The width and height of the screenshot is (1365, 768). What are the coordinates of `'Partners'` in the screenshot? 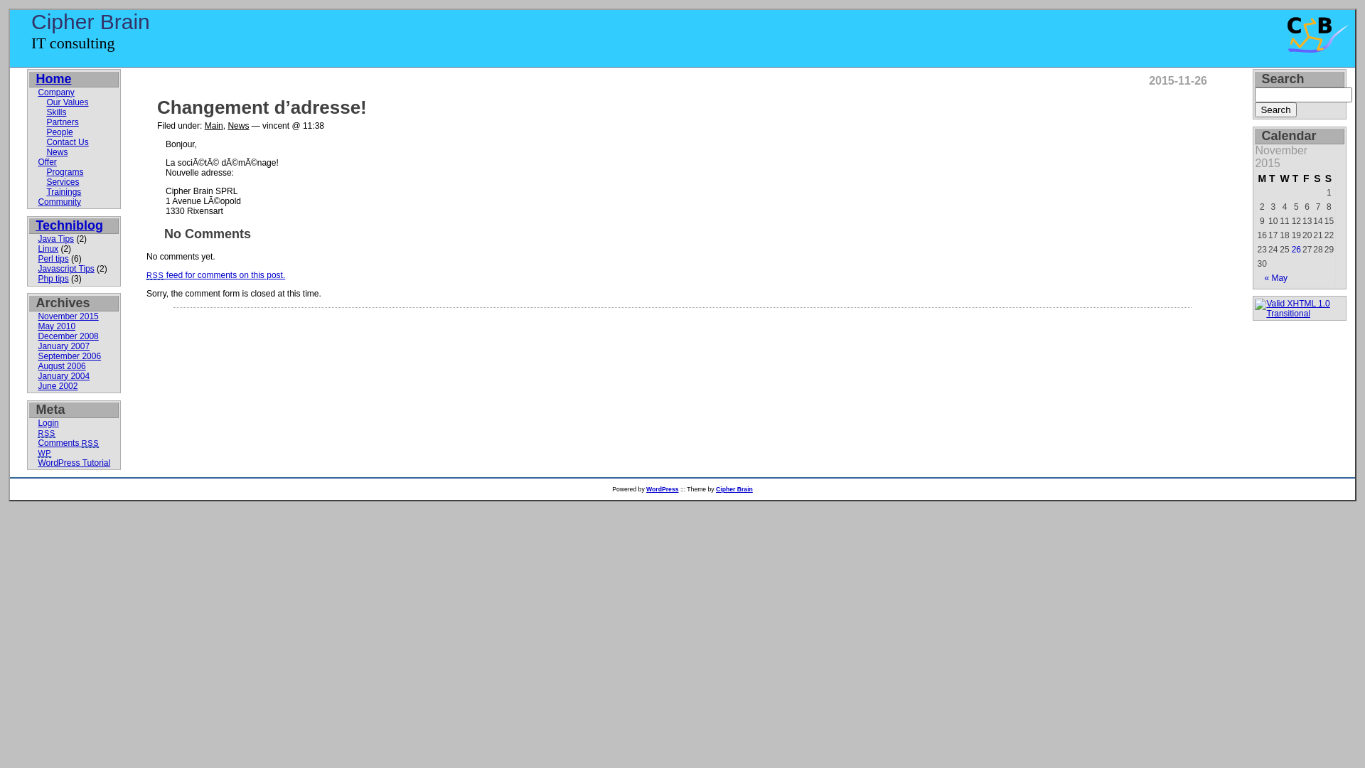 It's located at (46, 122).